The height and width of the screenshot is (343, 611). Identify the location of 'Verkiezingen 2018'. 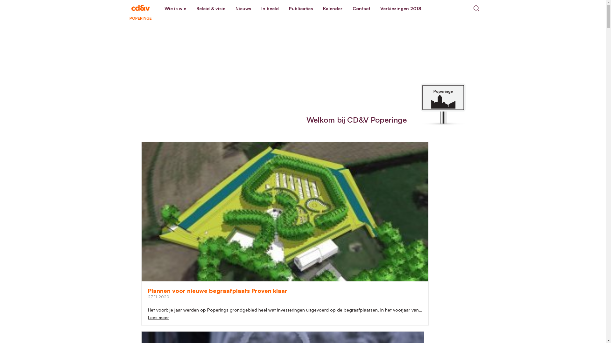
(375, 9).